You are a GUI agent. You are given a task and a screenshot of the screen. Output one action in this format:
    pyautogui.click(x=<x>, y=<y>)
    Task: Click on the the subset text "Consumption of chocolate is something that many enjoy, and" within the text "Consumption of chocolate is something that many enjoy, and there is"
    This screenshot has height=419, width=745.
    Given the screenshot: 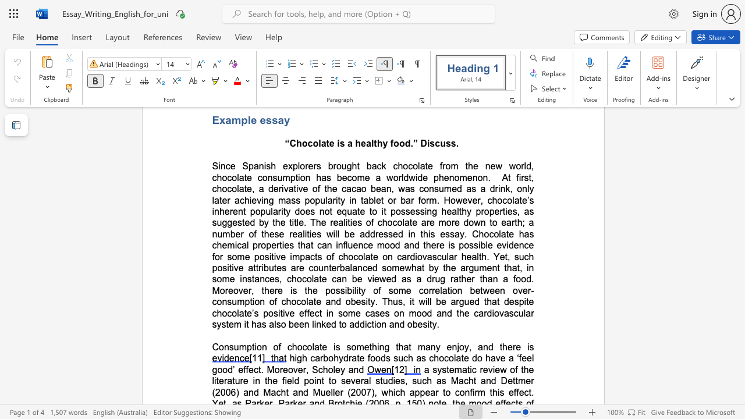 What is the action you would take?
    pyautogui.click(x=212, y=346)
    